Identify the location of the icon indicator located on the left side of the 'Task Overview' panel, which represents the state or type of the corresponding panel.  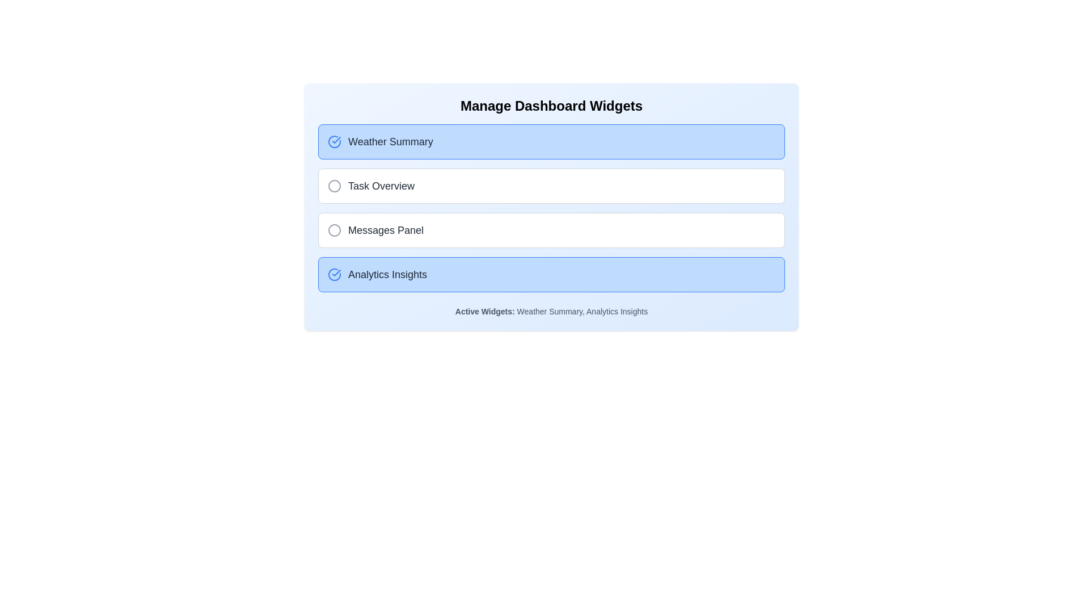
(334, 185).